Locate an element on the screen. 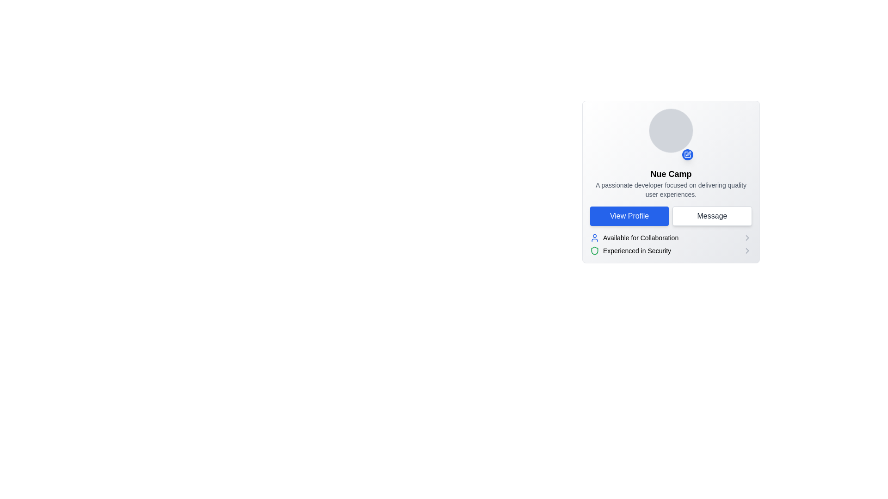 This screenshot has width=888, height=499. the Profile image placeholder with an edit button is located at coordinates (671, 134).